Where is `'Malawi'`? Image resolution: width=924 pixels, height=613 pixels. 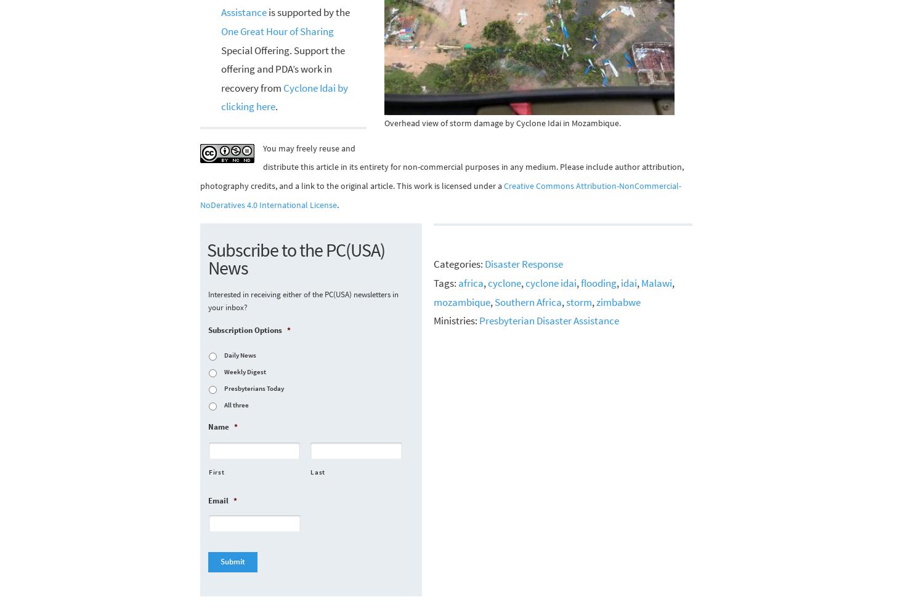
'Malawi' is located at coordinates (655, 282).